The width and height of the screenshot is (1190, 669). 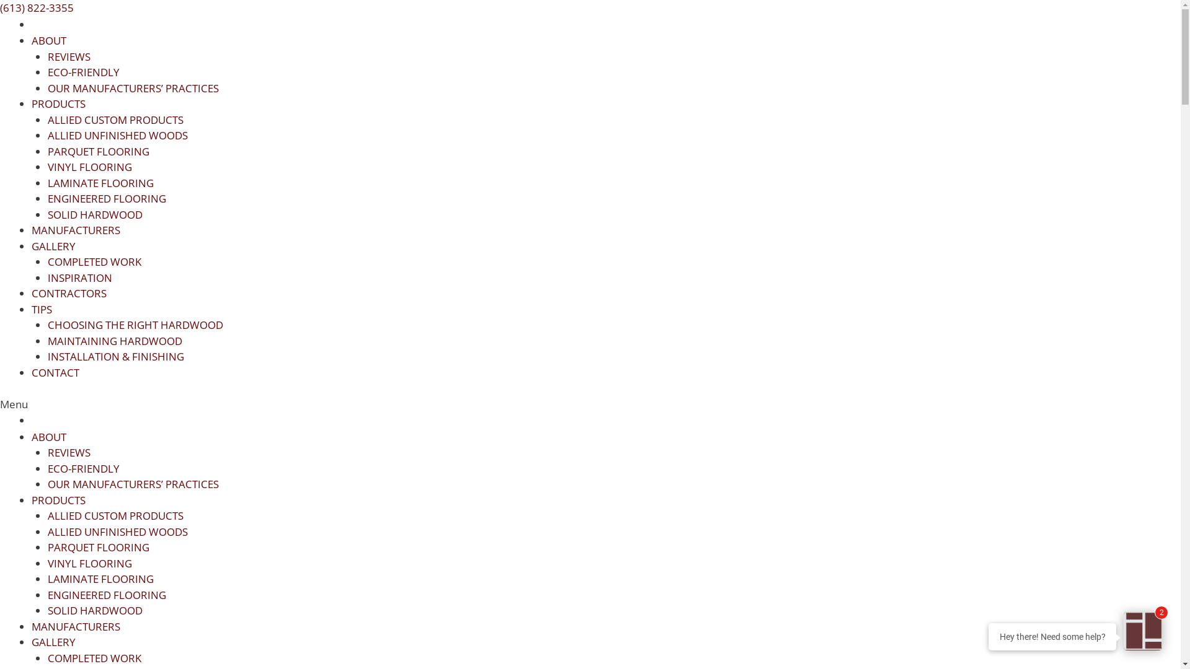 I want to click on 'PRODUCTS', so click(x=58, y=499).